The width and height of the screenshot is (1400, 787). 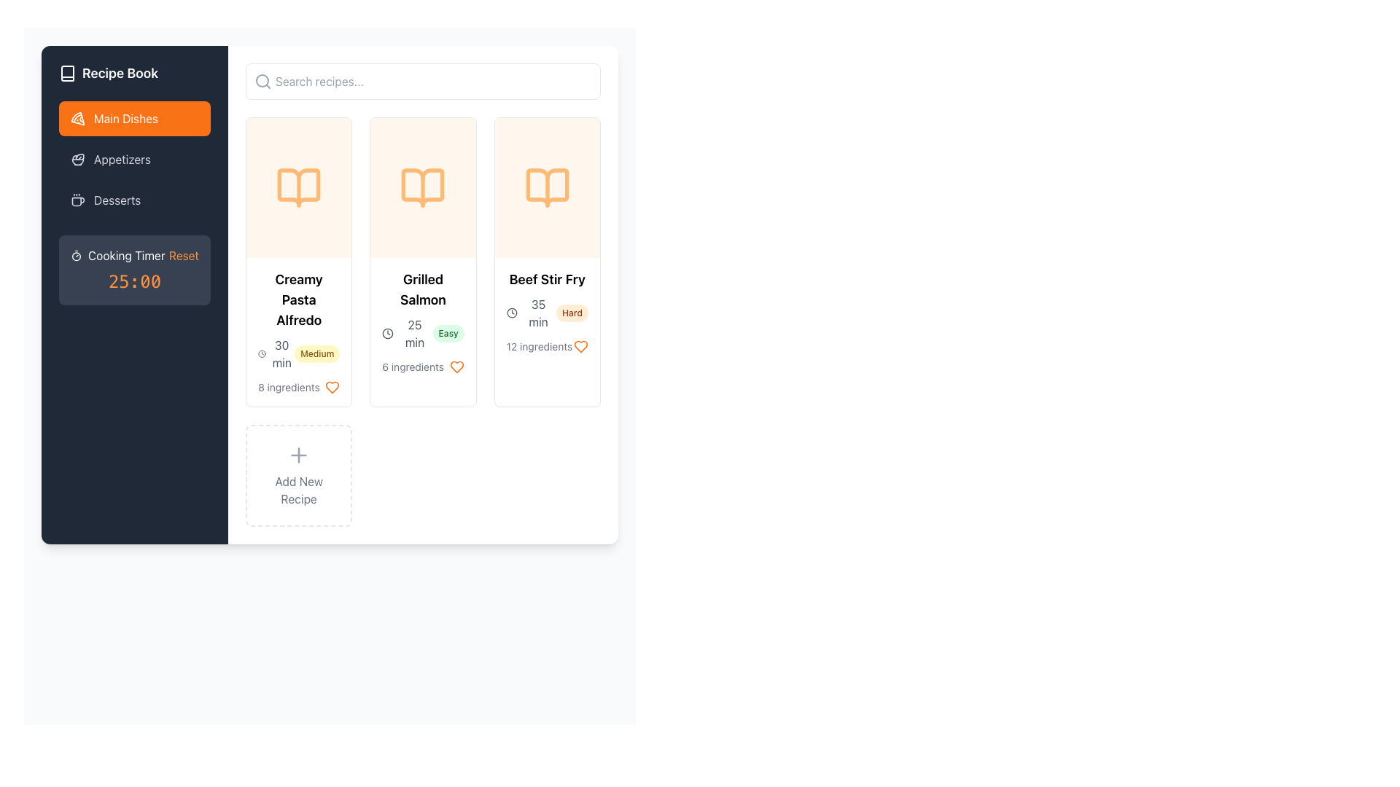 I want to click on the text label displaying '6 ingredients' located at the bottom of the second recipe card, so click(x=412, y=367).